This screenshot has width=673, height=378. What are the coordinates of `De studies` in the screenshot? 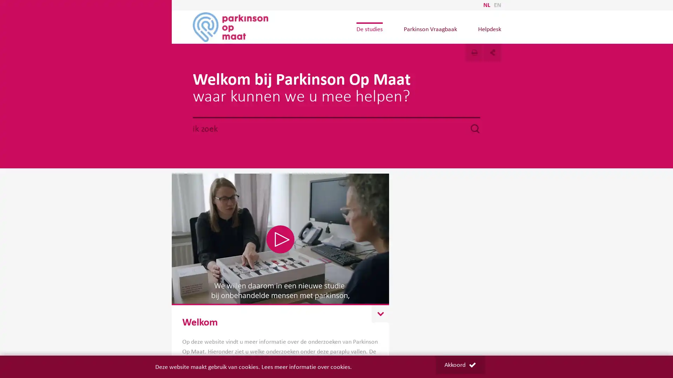 It's located at (369, 29).